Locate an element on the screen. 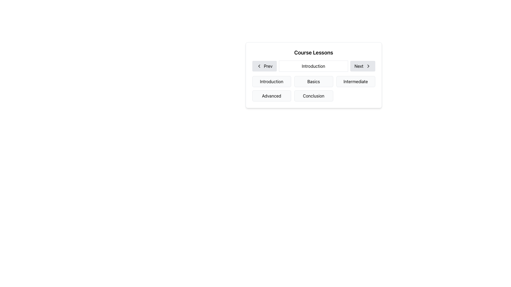 The width and height of the screenshot is (511, 287). the 'Prev' and 'Next' buttons in the navigation bar is located at coordinates (314, 66).